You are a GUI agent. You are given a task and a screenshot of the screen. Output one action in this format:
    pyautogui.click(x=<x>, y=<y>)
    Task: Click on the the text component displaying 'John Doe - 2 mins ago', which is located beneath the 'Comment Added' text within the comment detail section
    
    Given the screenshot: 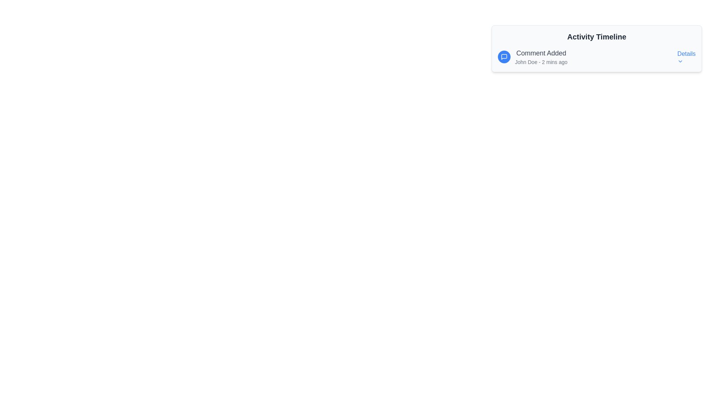 What is the action you would take?
    pyautogui.click(x=541, y=61)
    